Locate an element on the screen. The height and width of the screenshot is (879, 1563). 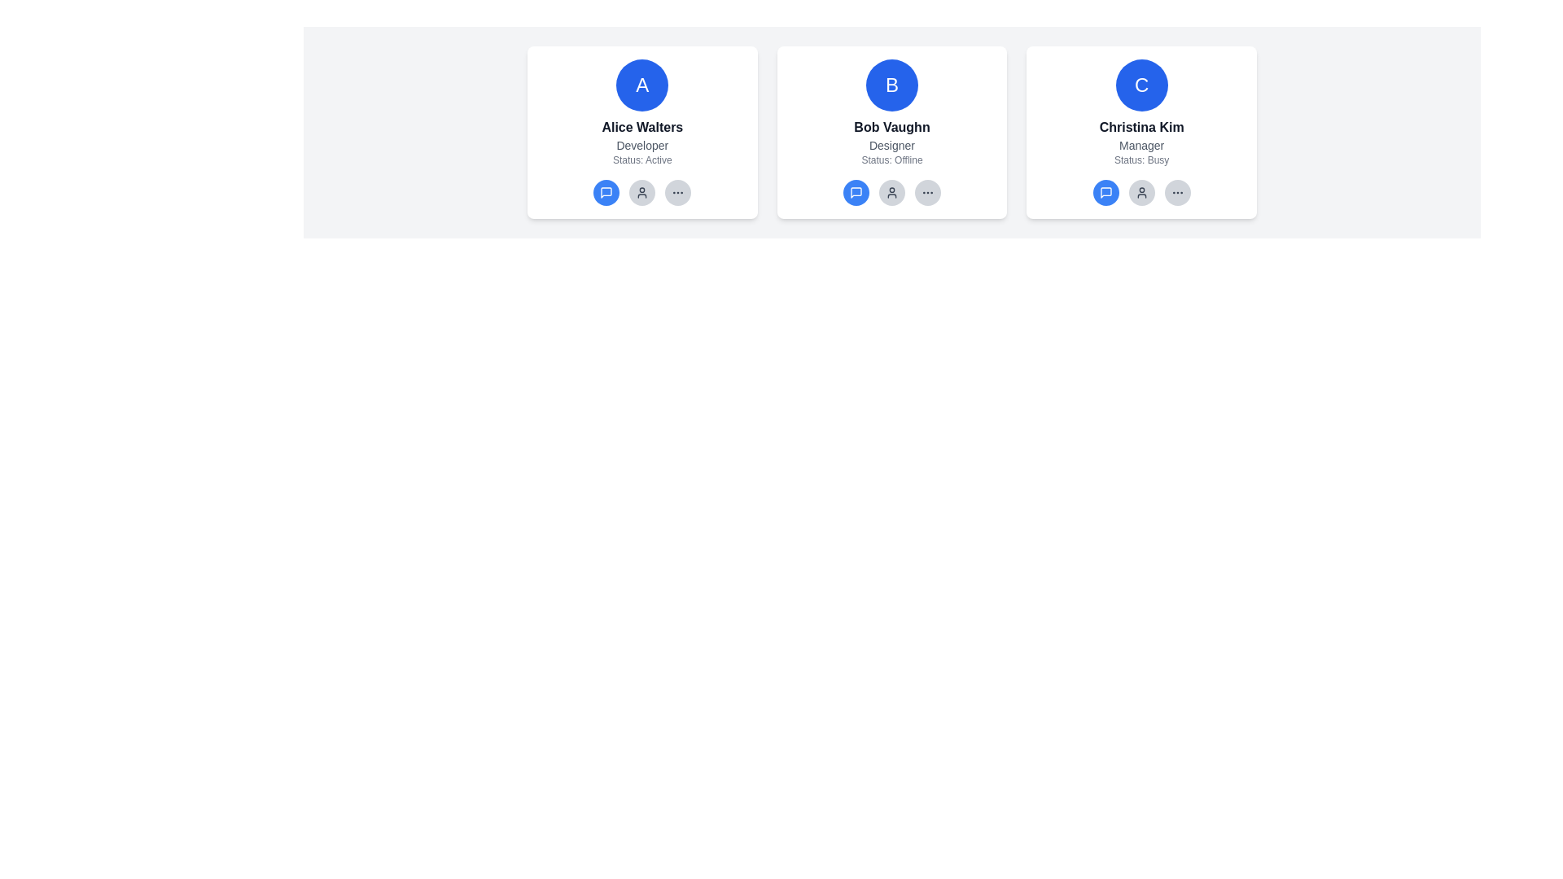
the user icon, which is a minimalistic vector illustration of a head and shoulders silhouette, located in the second card beneath the title and description of 'Bob Vaughn' is located at coordinates (891, 191).